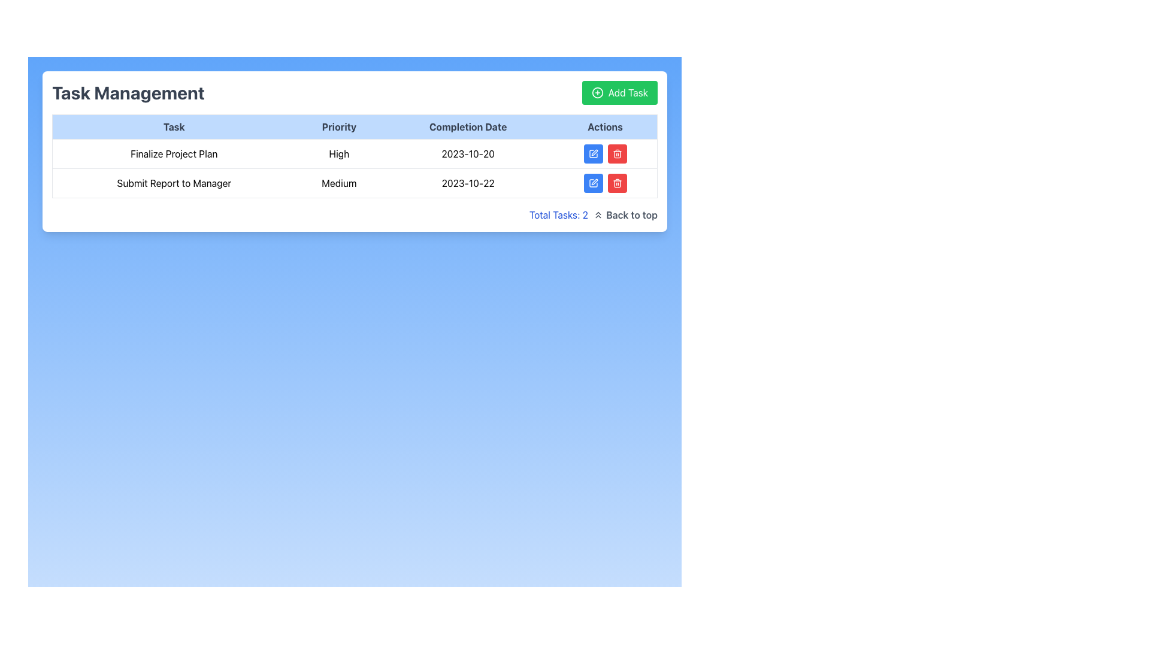 This screenshot has height=647, width=1150. What do you see at coordinates (338, 127) in the screenshot?
I see `text from the 'Priority' label, which is a bold dark gray text on a light blue background, located in the header row between 'Task' and 'Completion Date'` at bounding box center [338, 127].